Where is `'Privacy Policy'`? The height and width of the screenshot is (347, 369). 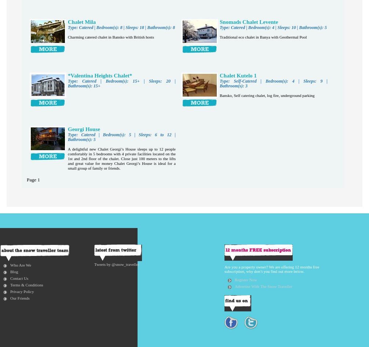 'Privacy Policy' is located at coordinates (22, 291).